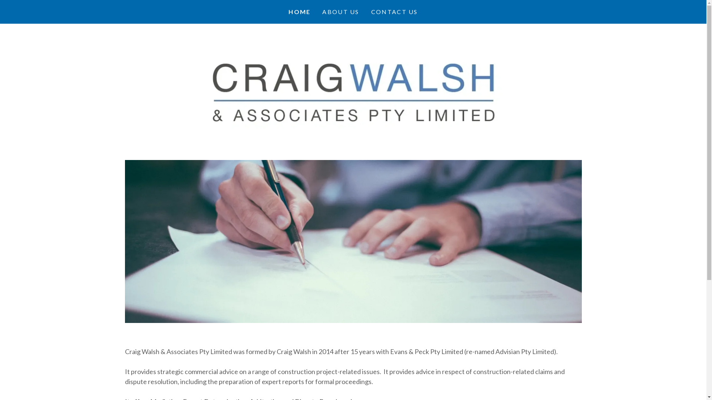 This screenshot has width=712, height=400. I want to click on 'HOME', so click(299, 11).